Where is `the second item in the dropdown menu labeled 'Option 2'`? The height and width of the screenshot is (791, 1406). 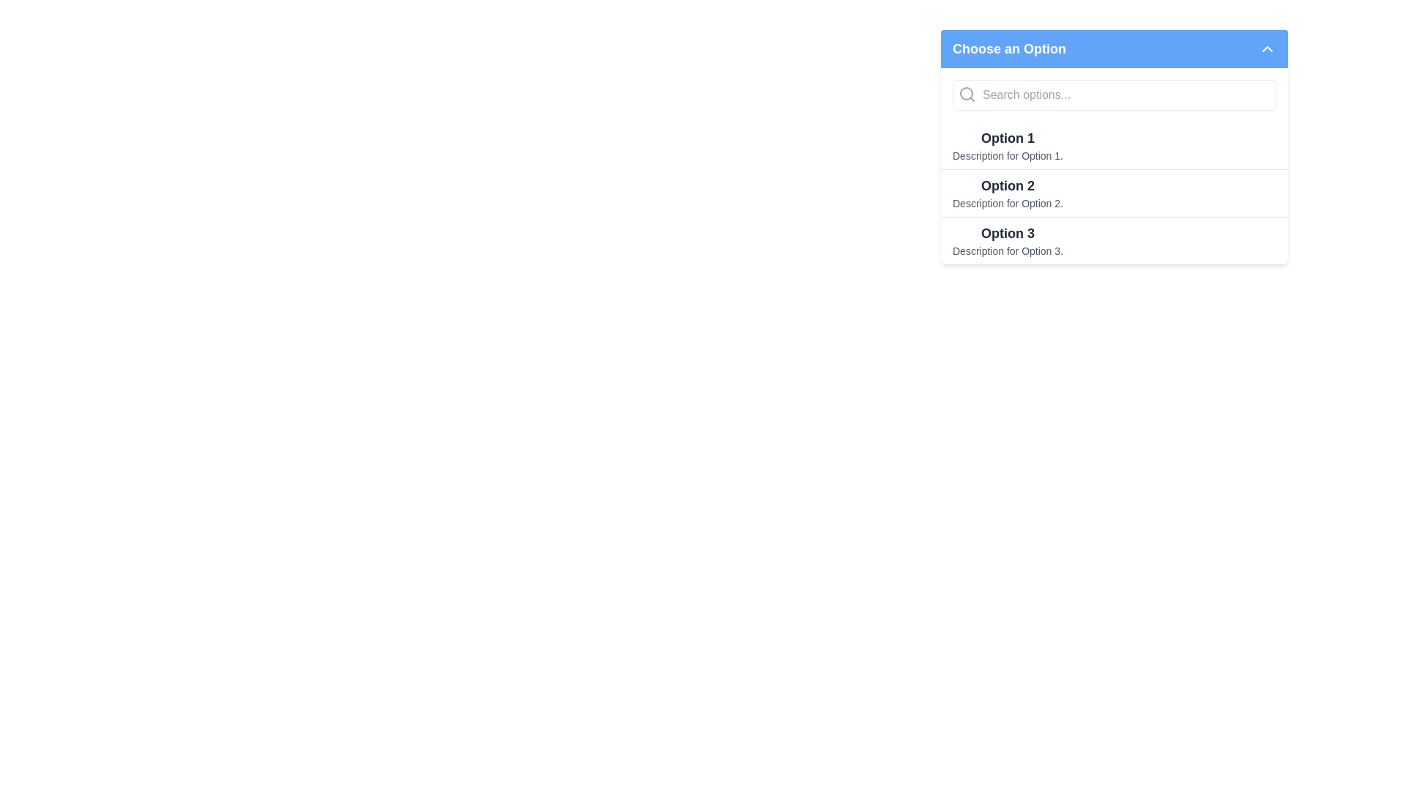
the second item in the dropdown menu labeled 'Option 2' is located at coordinates (1113, 192).